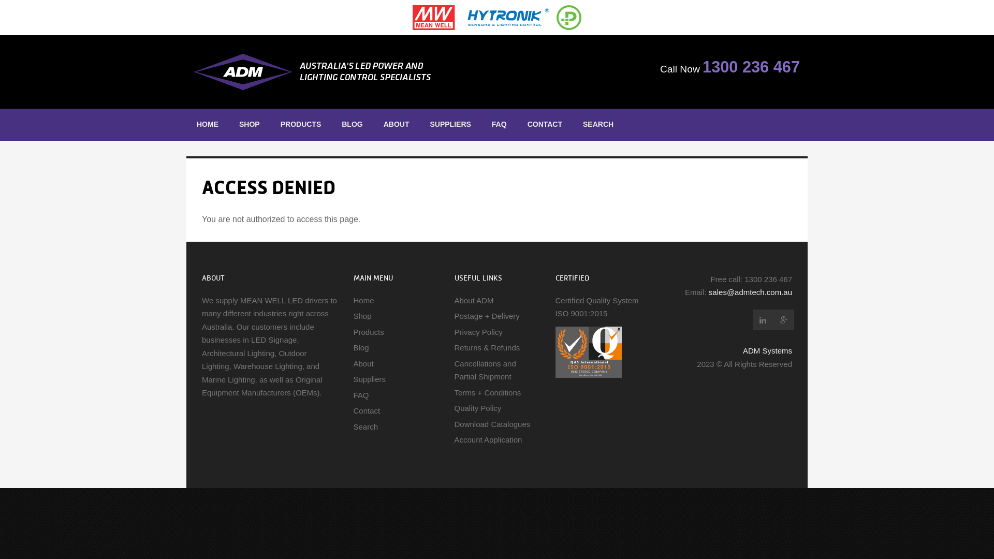 The height and width of the screenshot is (559, 994). What do you see at coordinates (353, 363) in the screenshot?
I see `'About'` at bounding box center [353, 363].